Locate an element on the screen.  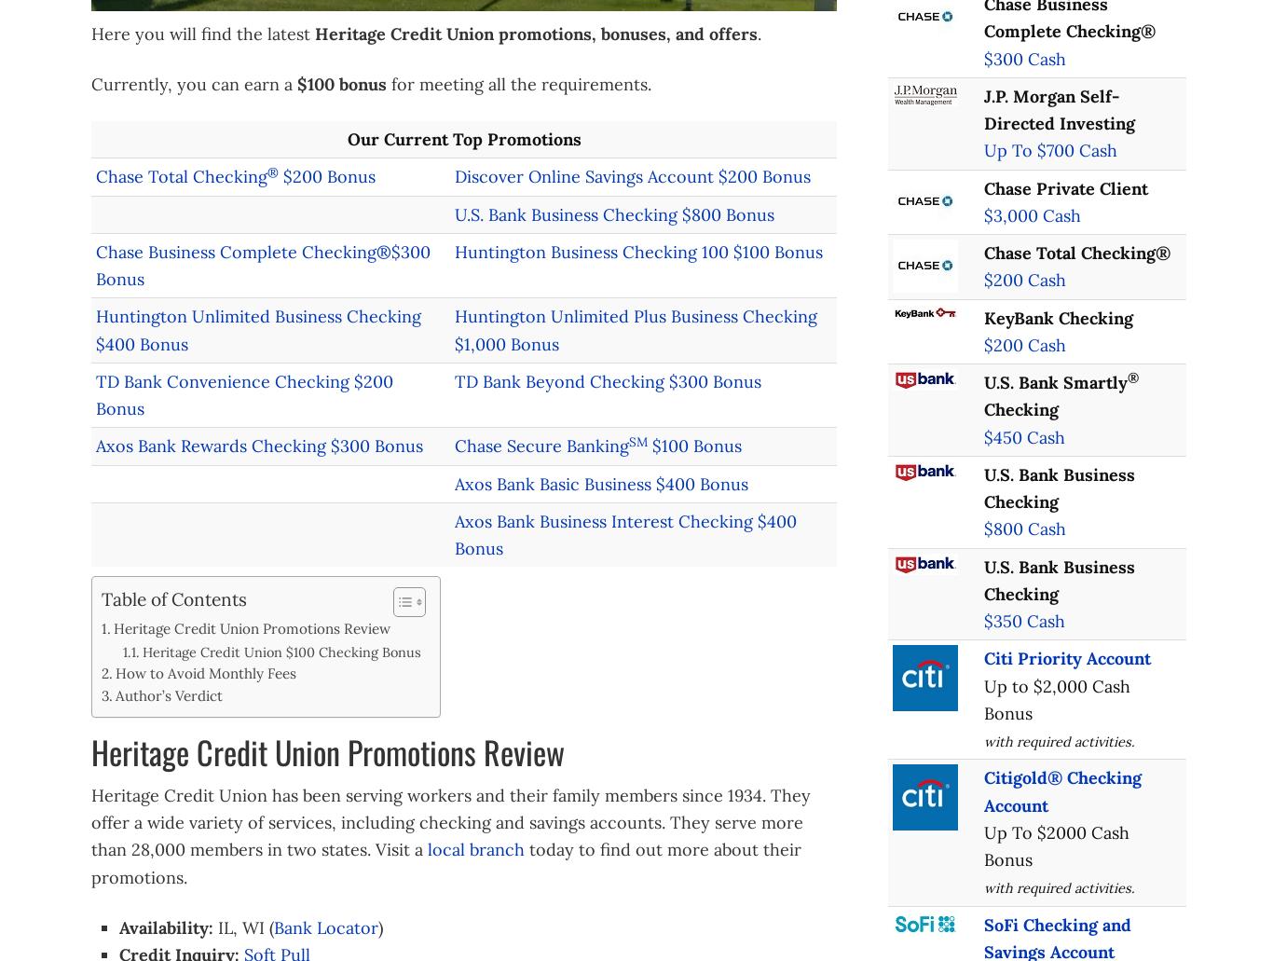
'Chase Total Checking' is located at coordinates (181, 175).